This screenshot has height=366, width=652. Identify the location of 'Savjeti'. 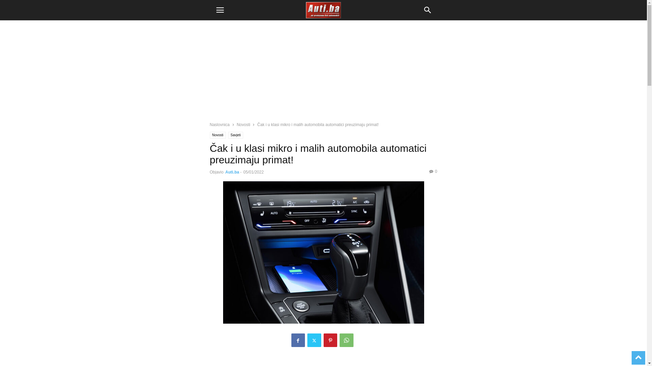
(228, 135).